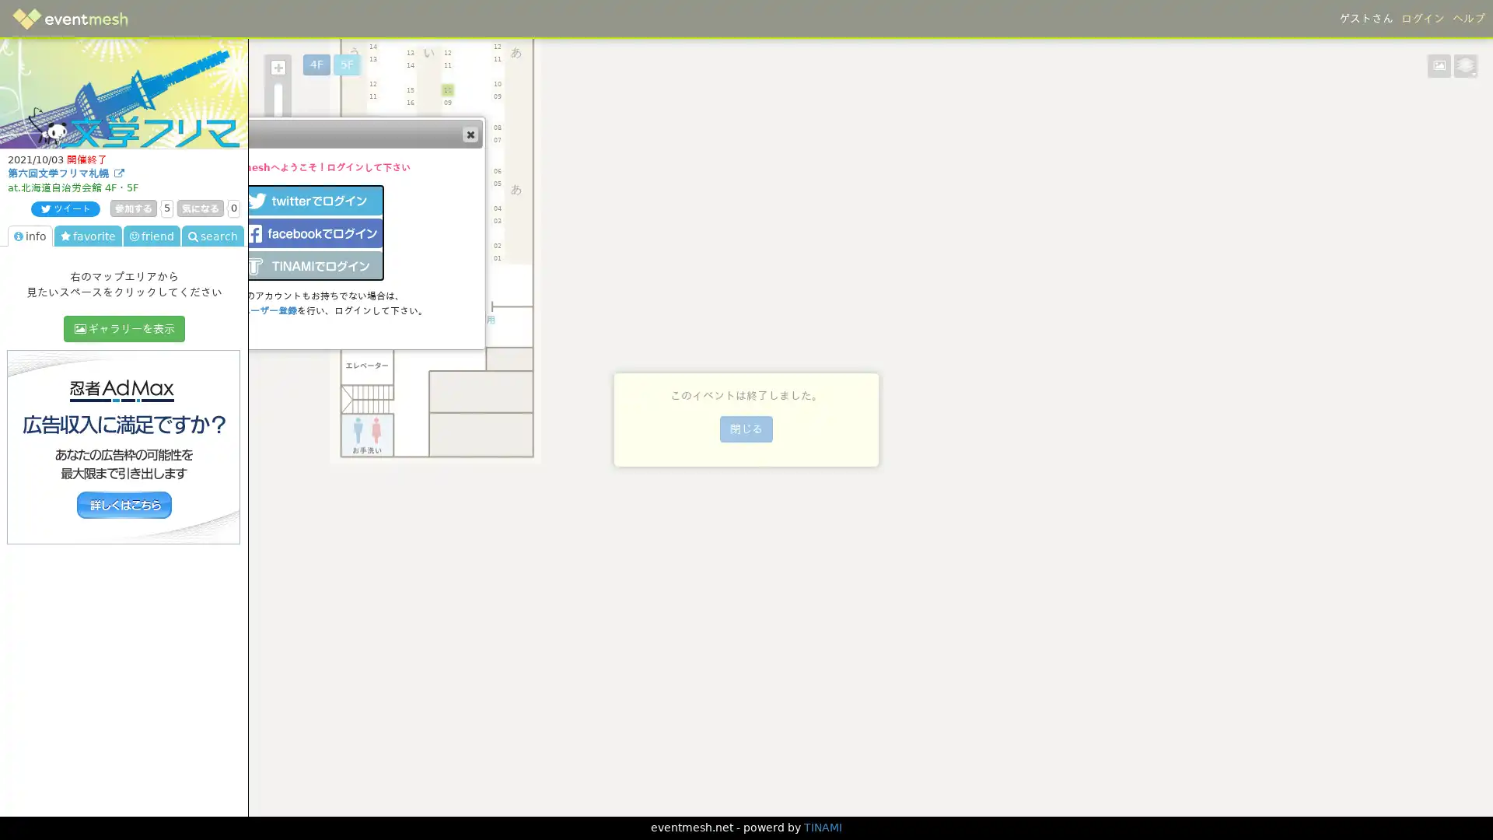 This screenshot has height=840, width=1493. What do you see at coordinates (316, 64) in the screenshot?
I see `4F` at bounding box center [316, 64].